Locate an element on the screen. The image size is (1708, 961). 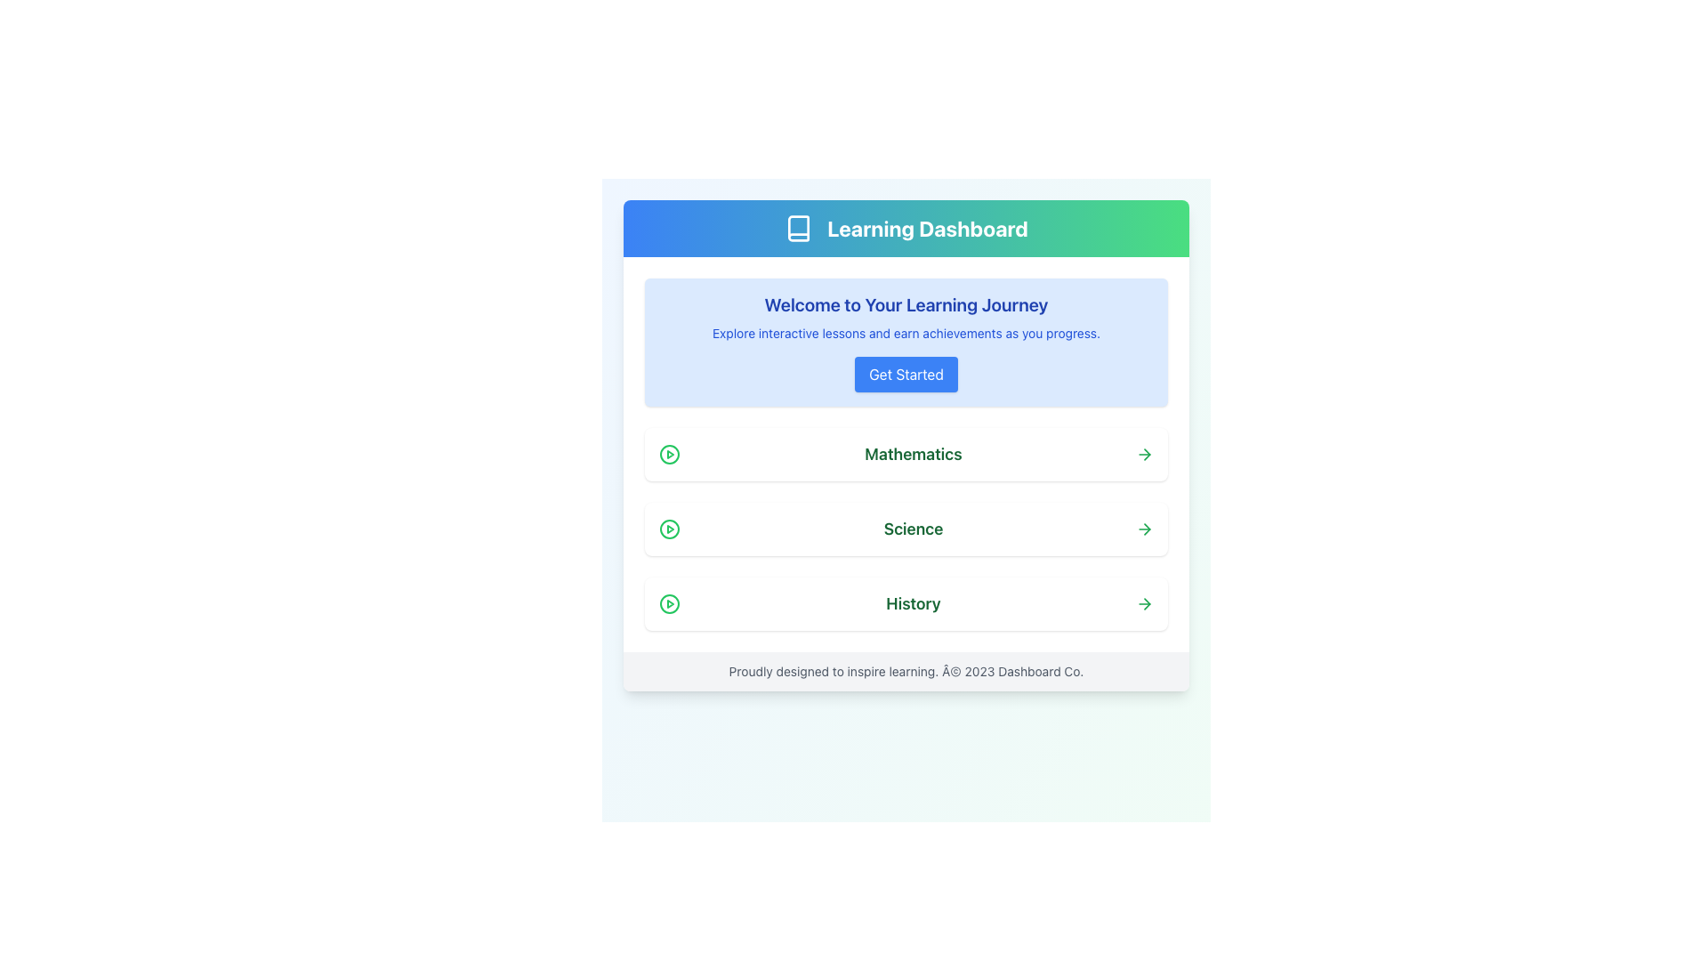
the central button that initiates the user's learning journey, located below the message 'Explore interactive lessons and earn achievements as you progress.' is located at coordinates (906, 373).